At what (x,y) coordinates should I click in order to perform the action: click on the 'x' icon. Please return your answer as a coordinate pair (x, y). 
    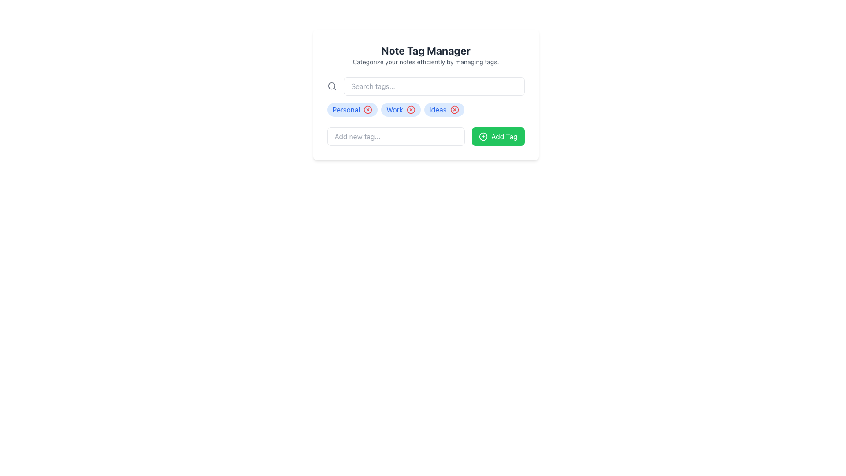
    Looking at the image, I should click on (426, 109).